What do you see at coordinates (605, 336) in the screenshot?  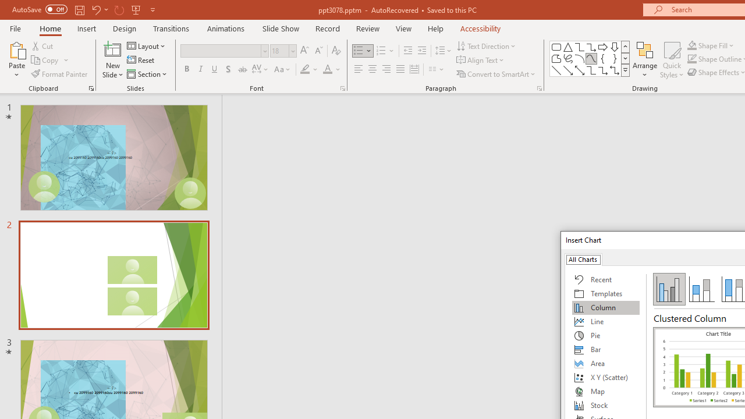 I see `'Pie'` at bounding box center [605, 336].